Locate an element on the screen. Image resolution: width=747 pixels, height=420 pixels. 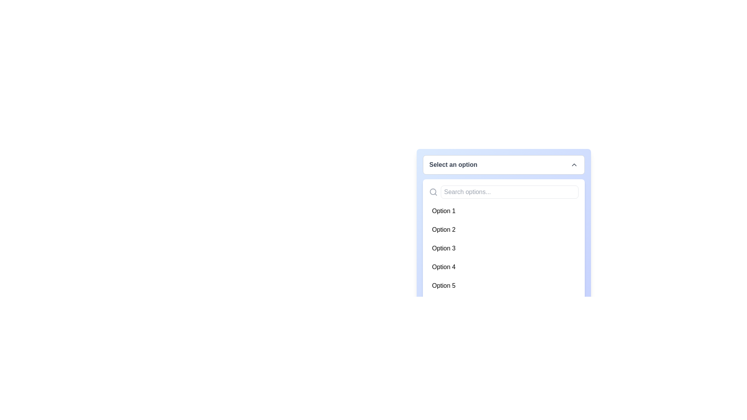
the selectable dropdown item with the text 'Option 2' is located at coordinates (444, 229).